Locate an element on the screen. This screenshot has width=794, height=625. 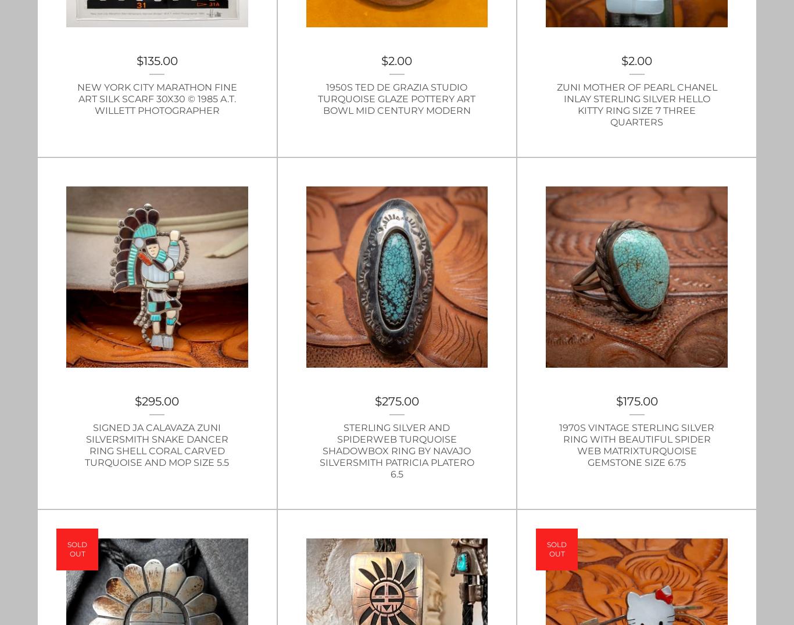
'New York City Marathon Fine Art Silk Scarf 30X30 © 1985 A.T. Willett Photographer' is located at coordinates (156, 98).